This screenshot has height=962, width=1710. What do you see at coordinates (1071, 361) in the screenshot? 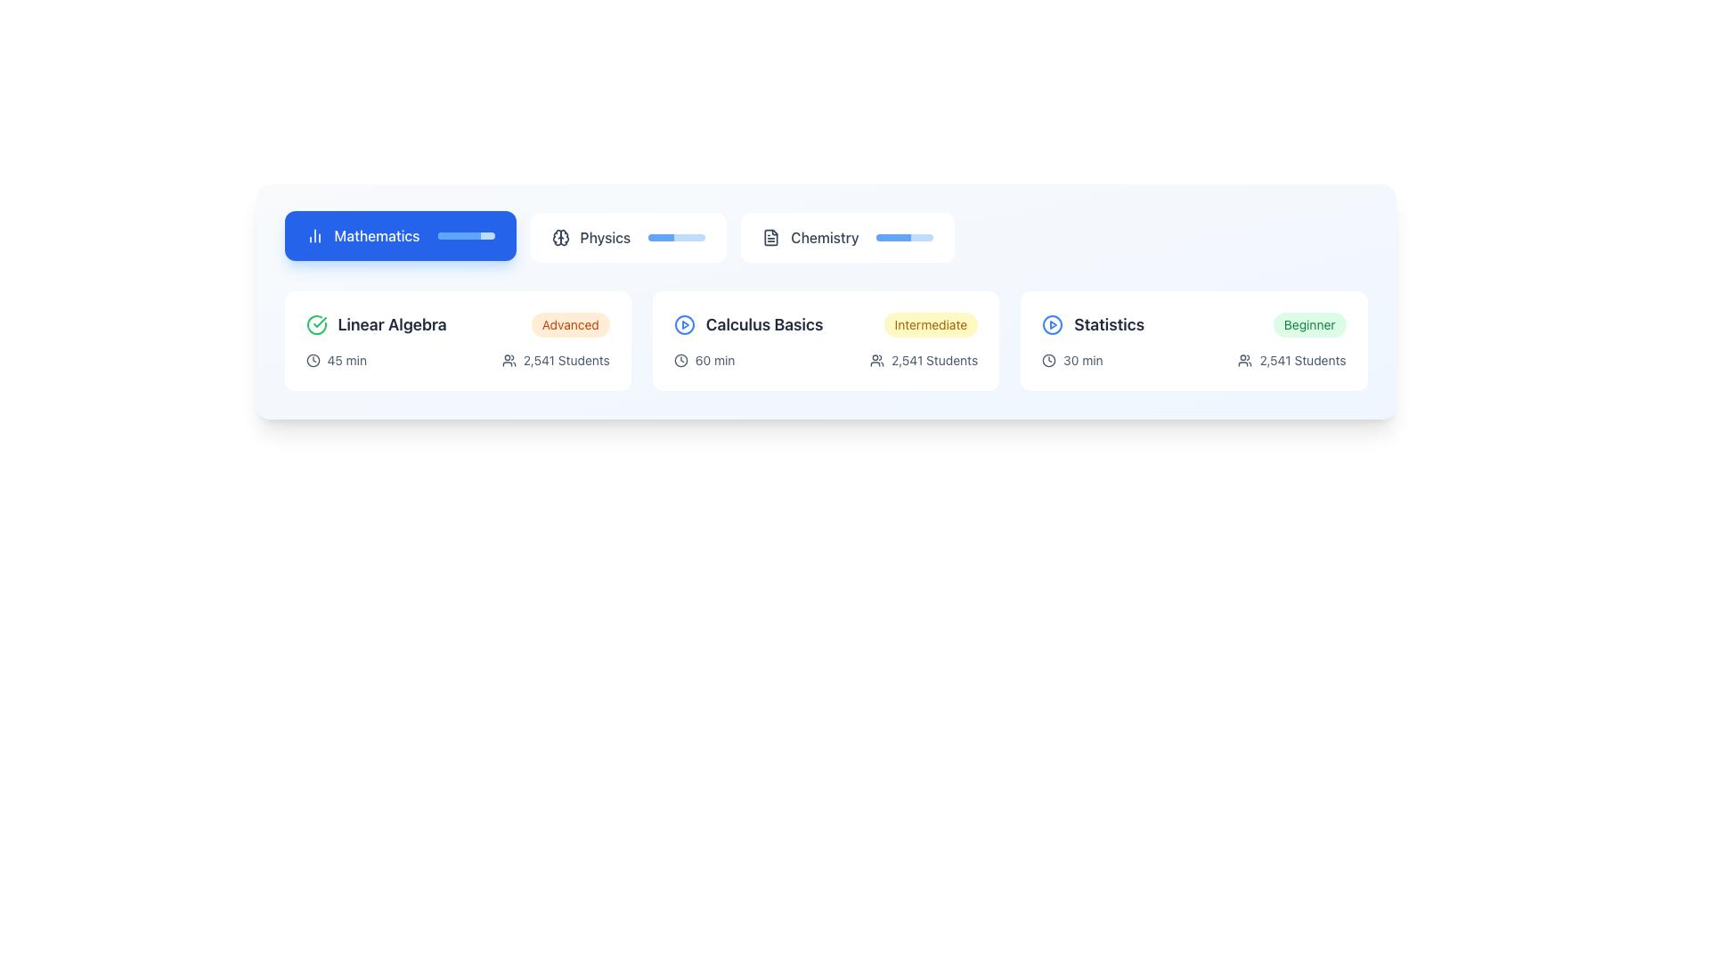
I see `the static informational display indicating the course duration of 30 minutes located in the 'Statistics' section, below the course title 'Statistics' and to the left of '2,541 Students'` at bounding box center [1071, 361].